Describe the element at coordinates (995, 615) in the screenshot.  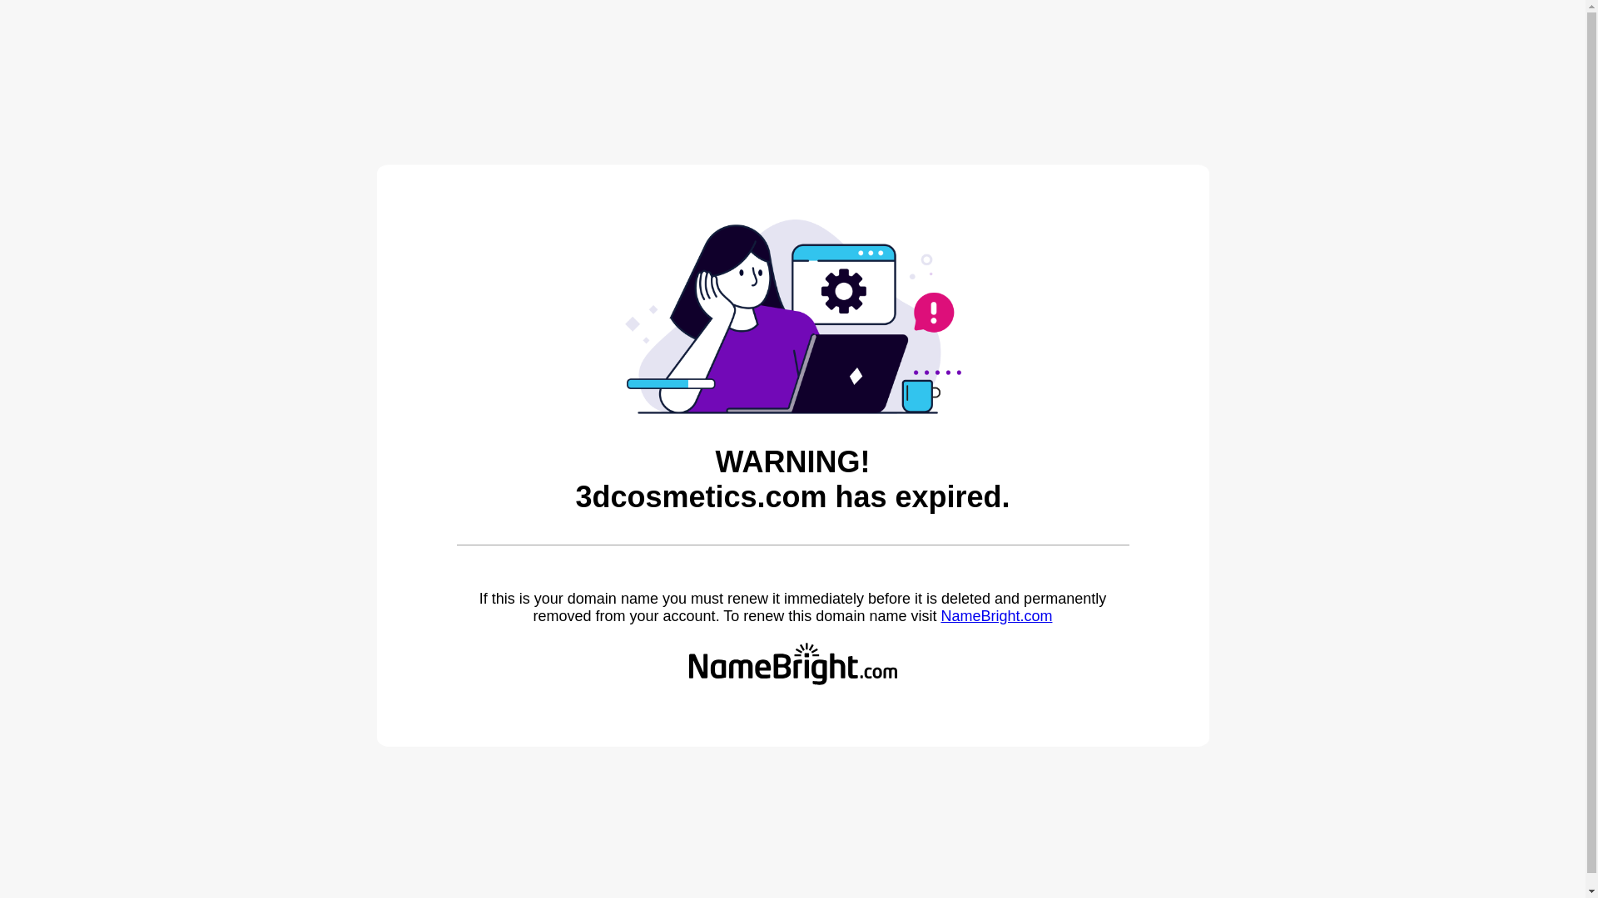
I see `'NameBright.com'` at that location.